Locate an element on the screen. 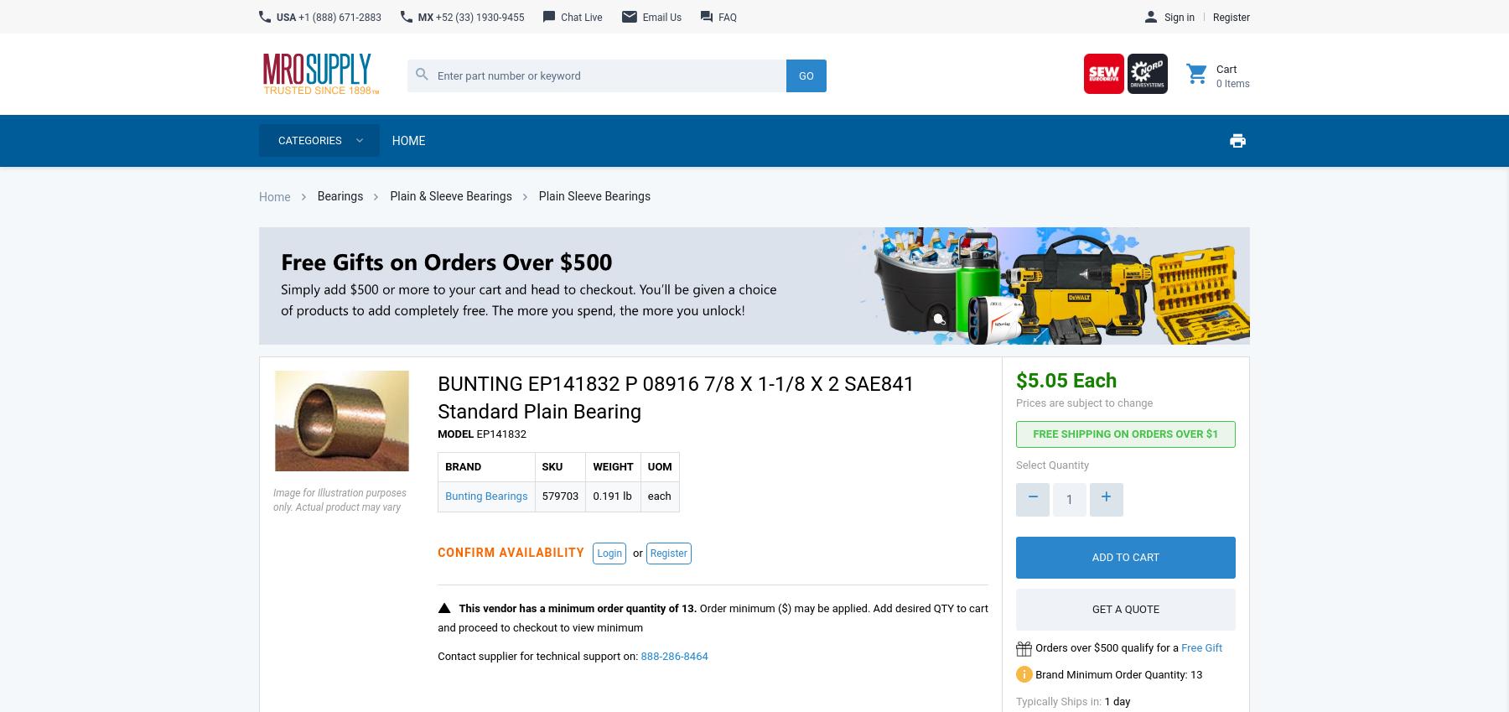 The height and width of the screenshot is (712, 1509). 'Contact Us' is located at coordinates (1107, 273).